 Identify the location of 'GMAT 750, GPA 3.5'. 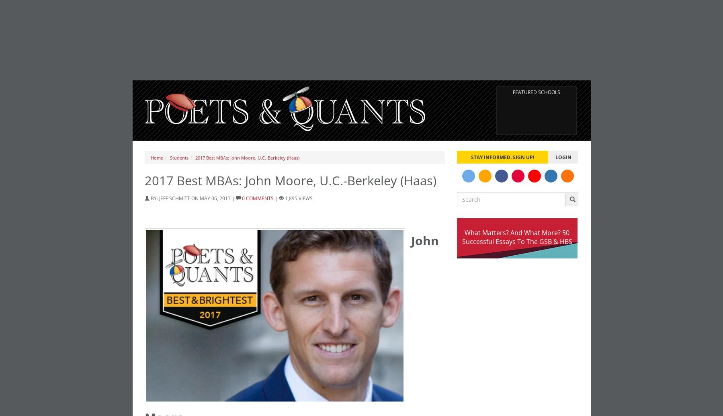
(363, 78).